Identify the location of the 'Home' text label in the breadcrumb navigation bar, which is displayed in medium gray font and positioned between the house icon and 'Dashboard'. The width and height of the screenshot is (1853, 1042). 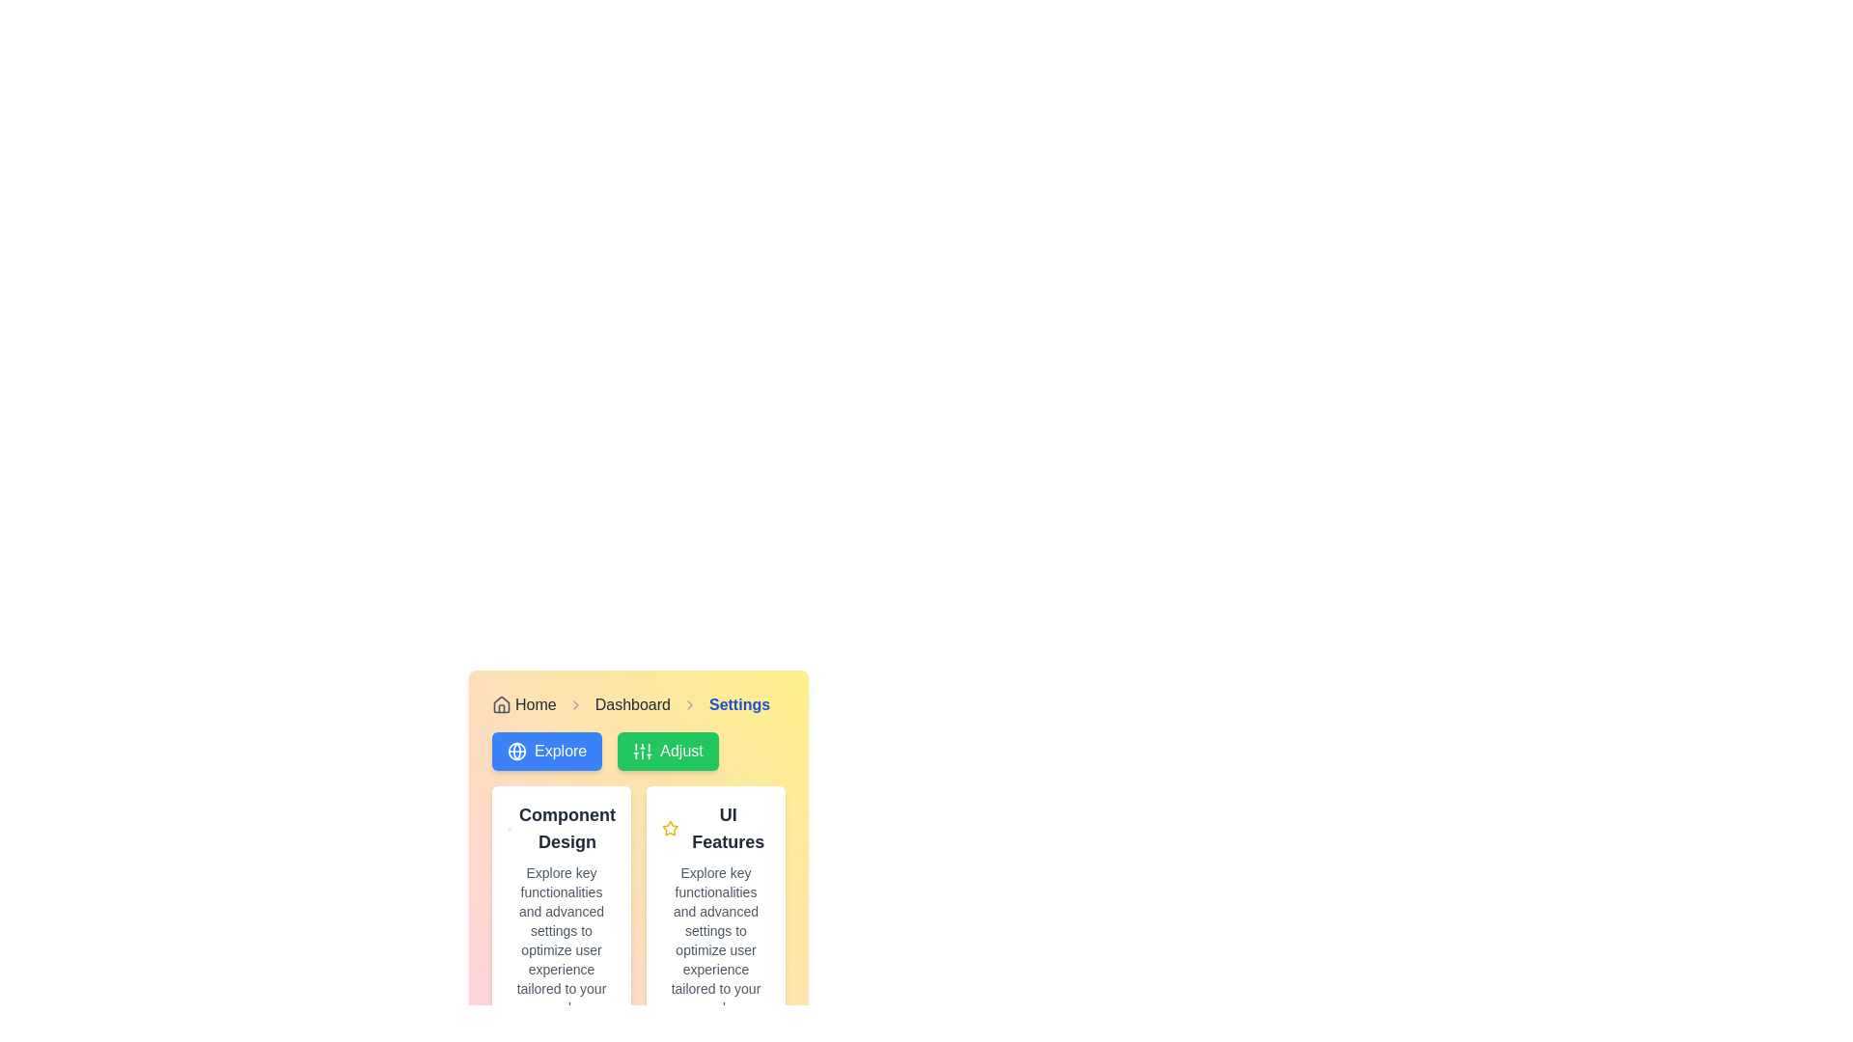
(536, 705).